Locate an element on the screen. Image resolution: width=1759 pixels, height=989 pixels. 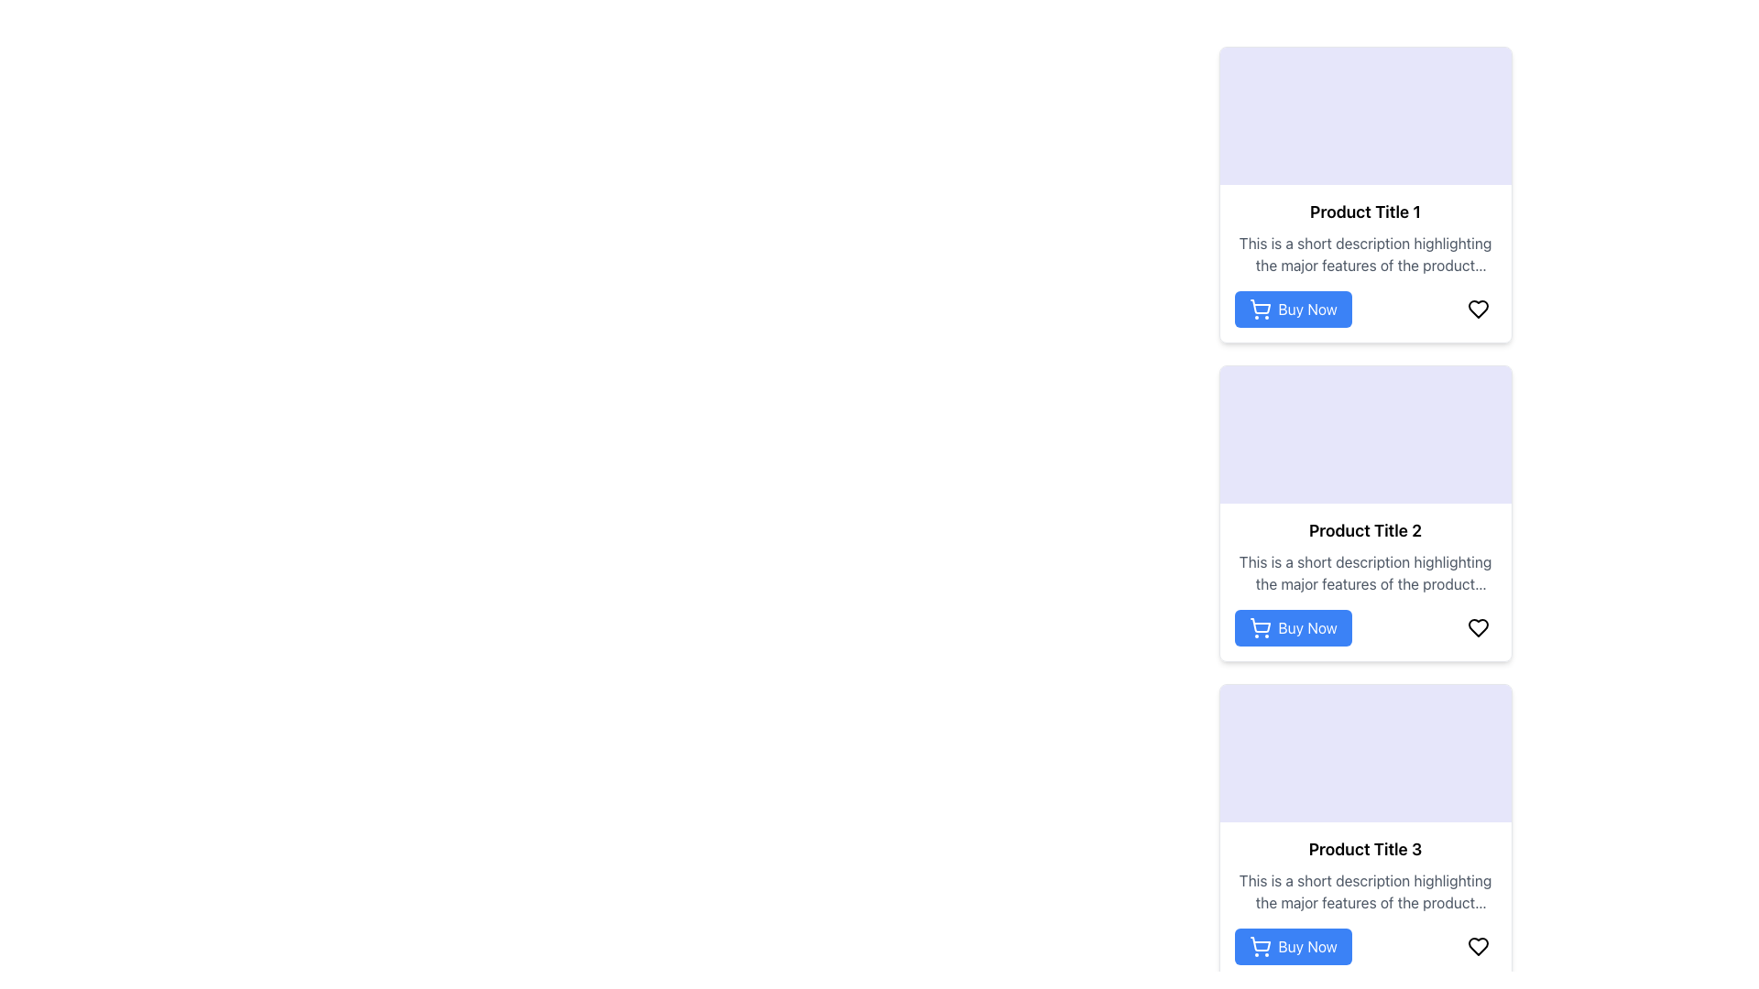
the button located at the bottom left of the product card titled 'Product Title 1' to observe the color change that indicates interactivity is located at coordinates (1292, 309).